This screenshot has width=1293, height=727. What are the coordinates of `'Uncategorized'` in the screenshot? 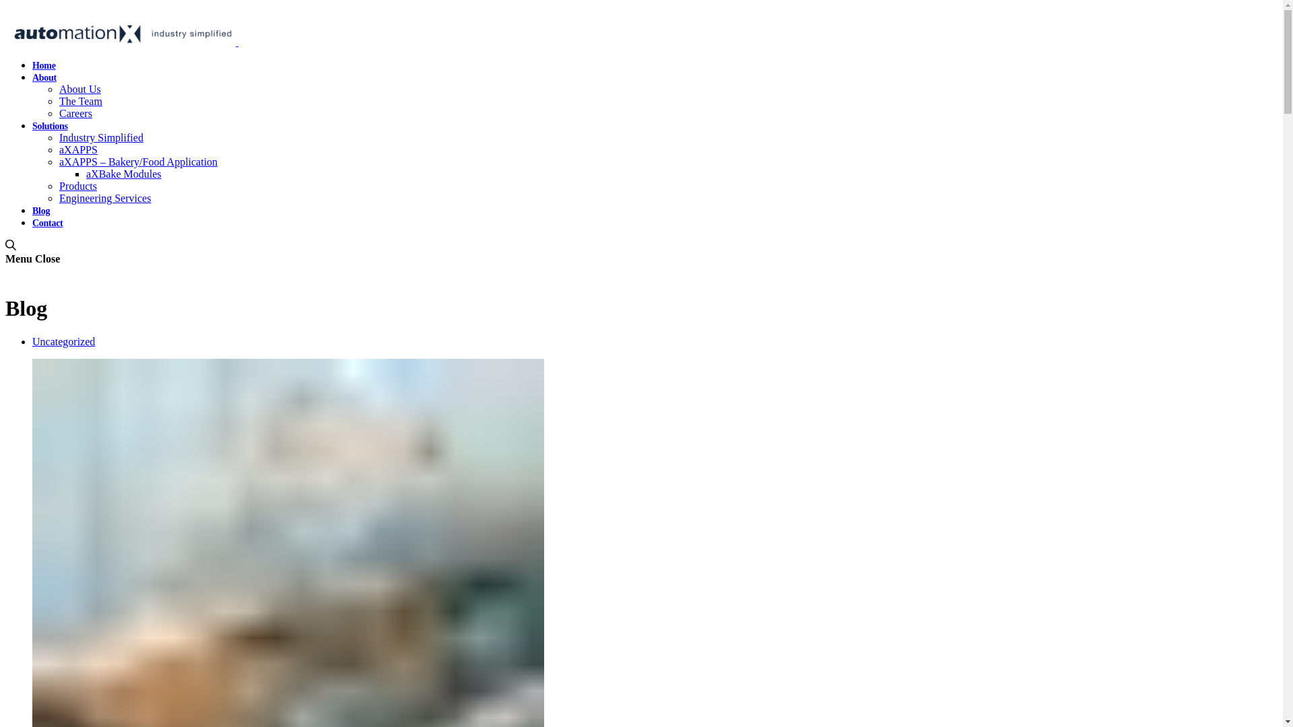 It's located at (63, 341).